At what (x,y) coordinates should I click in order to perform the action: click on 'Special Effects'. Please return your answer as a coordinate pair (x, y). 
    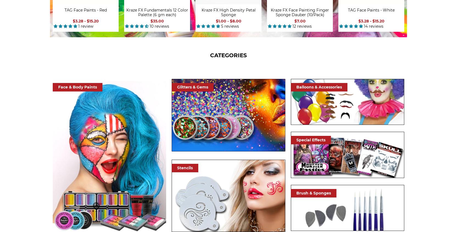
    Looking at the image, I should click on (310, 139).